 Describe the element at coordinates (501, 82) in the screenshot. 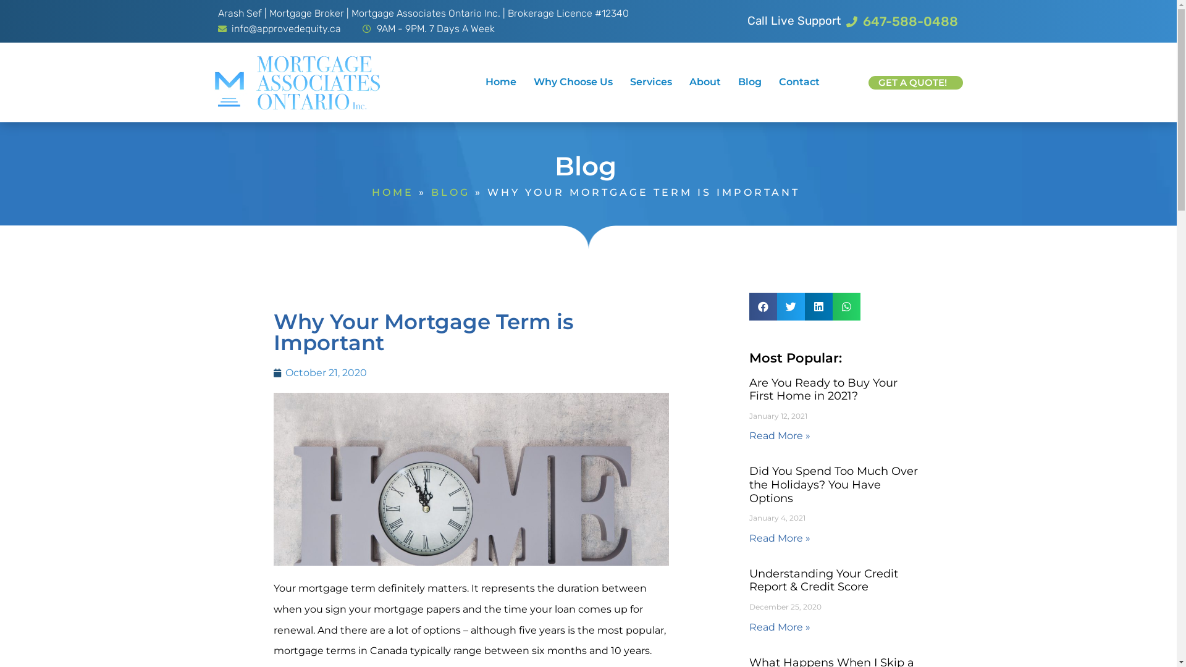

I see `'Home'` at that location.